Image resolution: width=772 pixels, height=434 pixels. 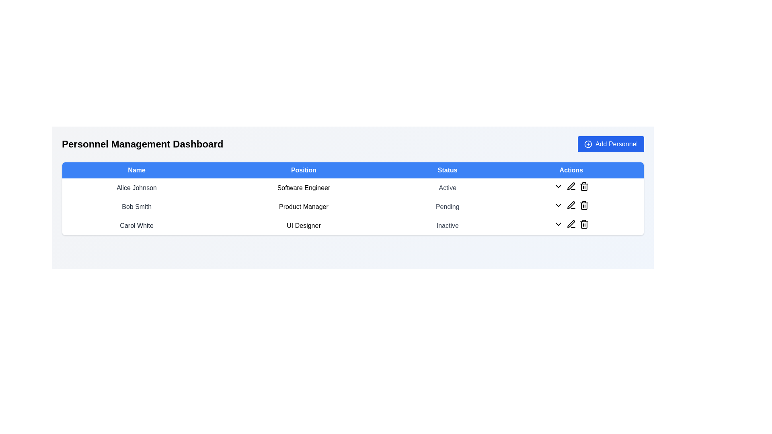 I want to click on the 'Pending' status text label for 'Bob Smith' in the 'Personnel Management Dashboard' table, which is located in the third column of the corresponding row, so click(x=447, y=206).